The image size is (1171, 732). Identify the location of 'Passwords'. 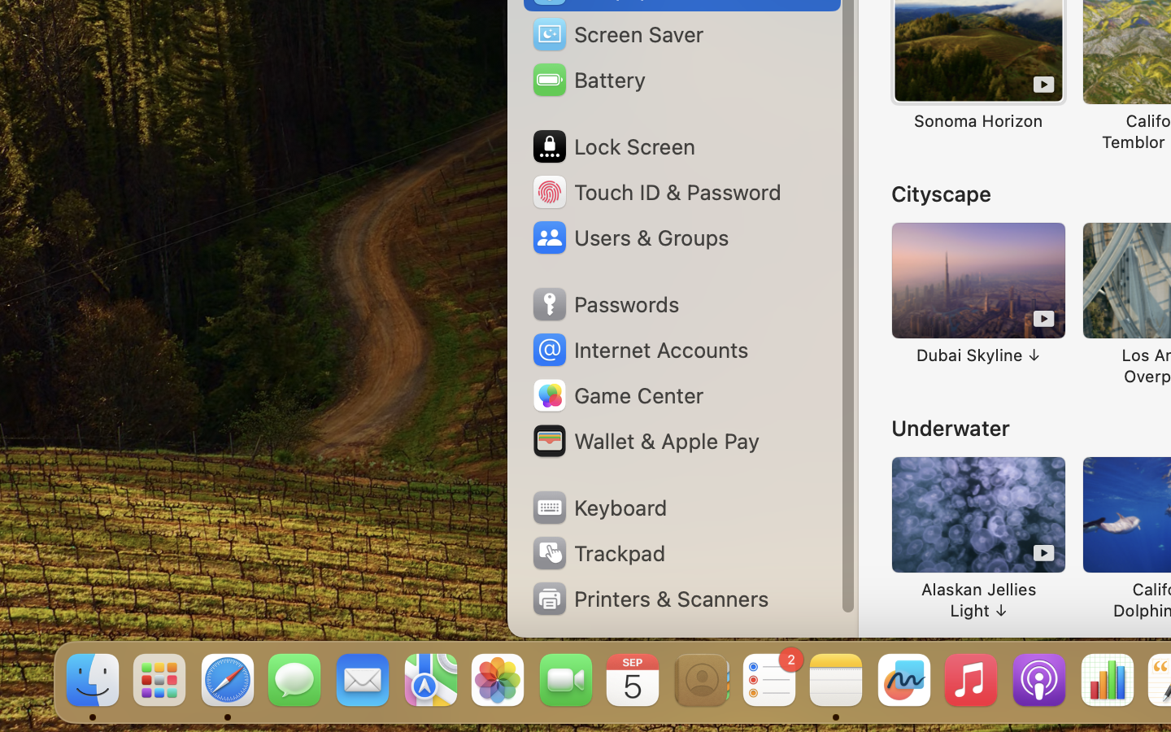
(604, 304).